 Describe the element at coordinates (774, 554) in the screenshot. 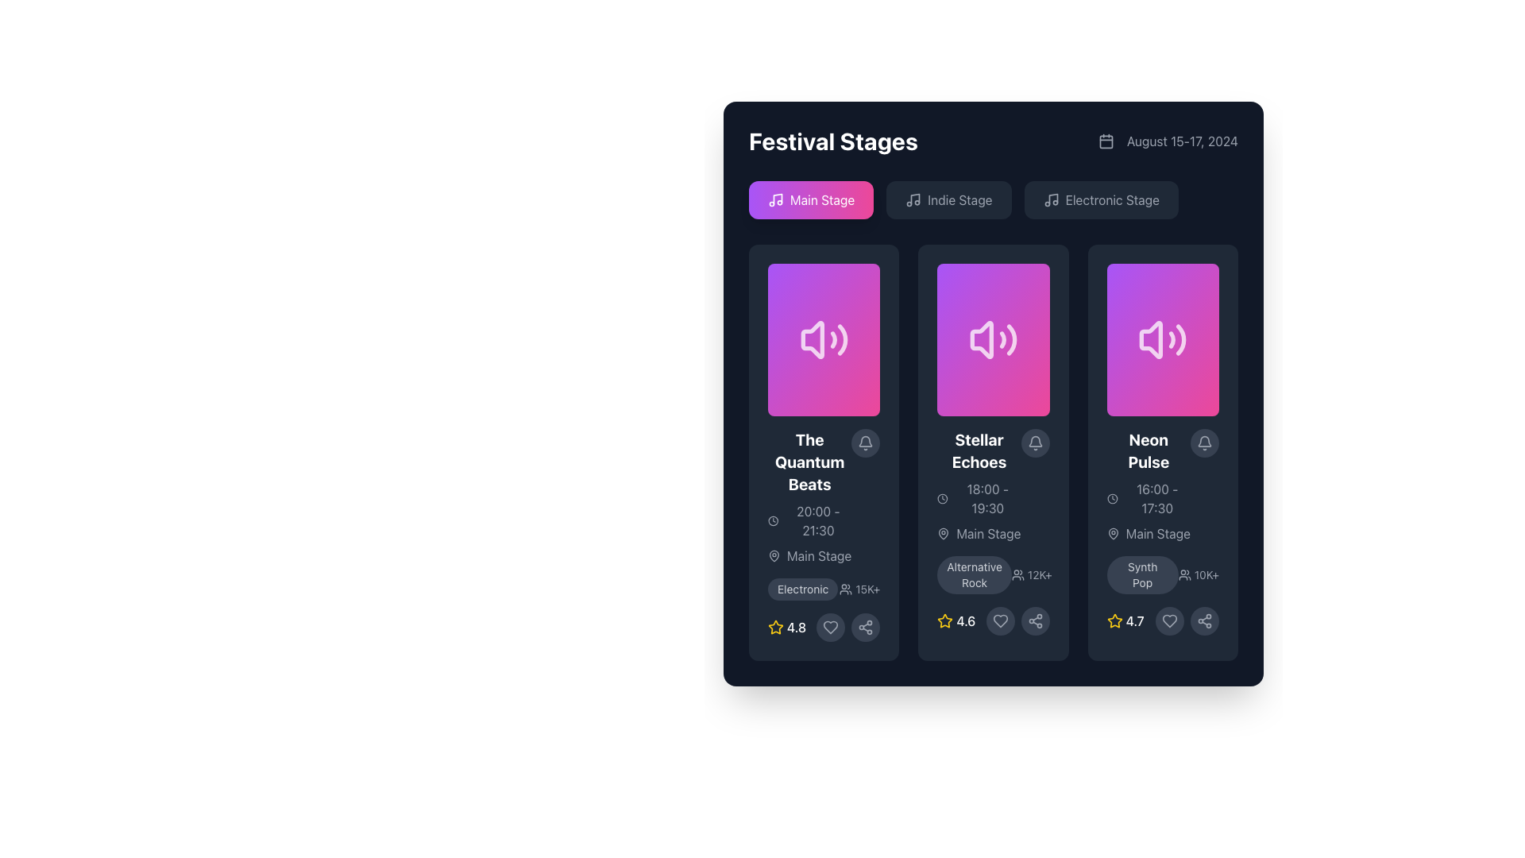

I see `the pin-shaped icon located beside the text 'Main Stage' in the lower section of the card titled 'The Quantum Beats'` at that location.